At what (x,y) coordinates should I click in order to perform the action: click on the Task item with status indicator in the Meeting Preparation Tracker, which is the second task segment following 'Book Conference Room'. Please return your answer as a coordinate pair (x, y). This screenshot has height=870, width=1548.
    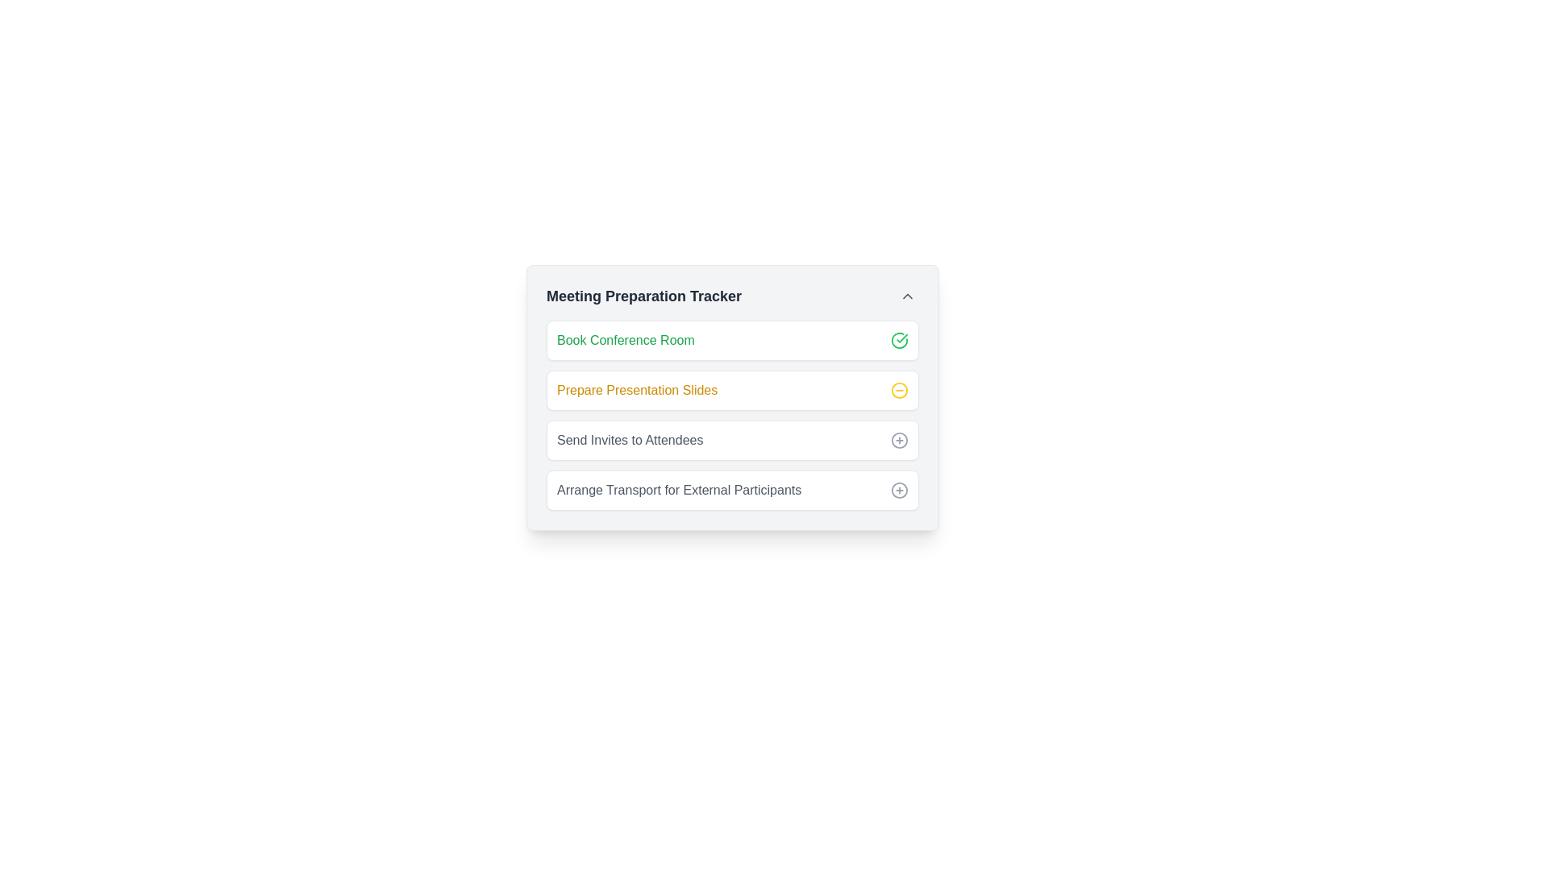
    Looking at the image, I should click on (731, 397).